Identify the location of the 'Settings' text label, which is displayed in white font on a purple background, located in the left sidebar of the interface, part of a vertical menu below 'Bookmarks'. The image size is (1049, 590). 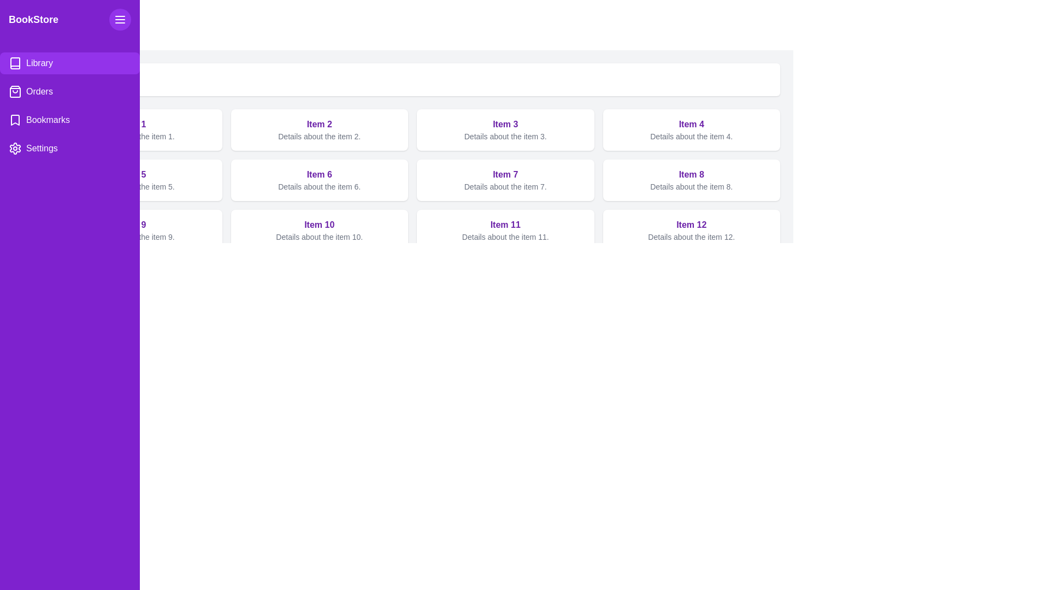
(42, 149).